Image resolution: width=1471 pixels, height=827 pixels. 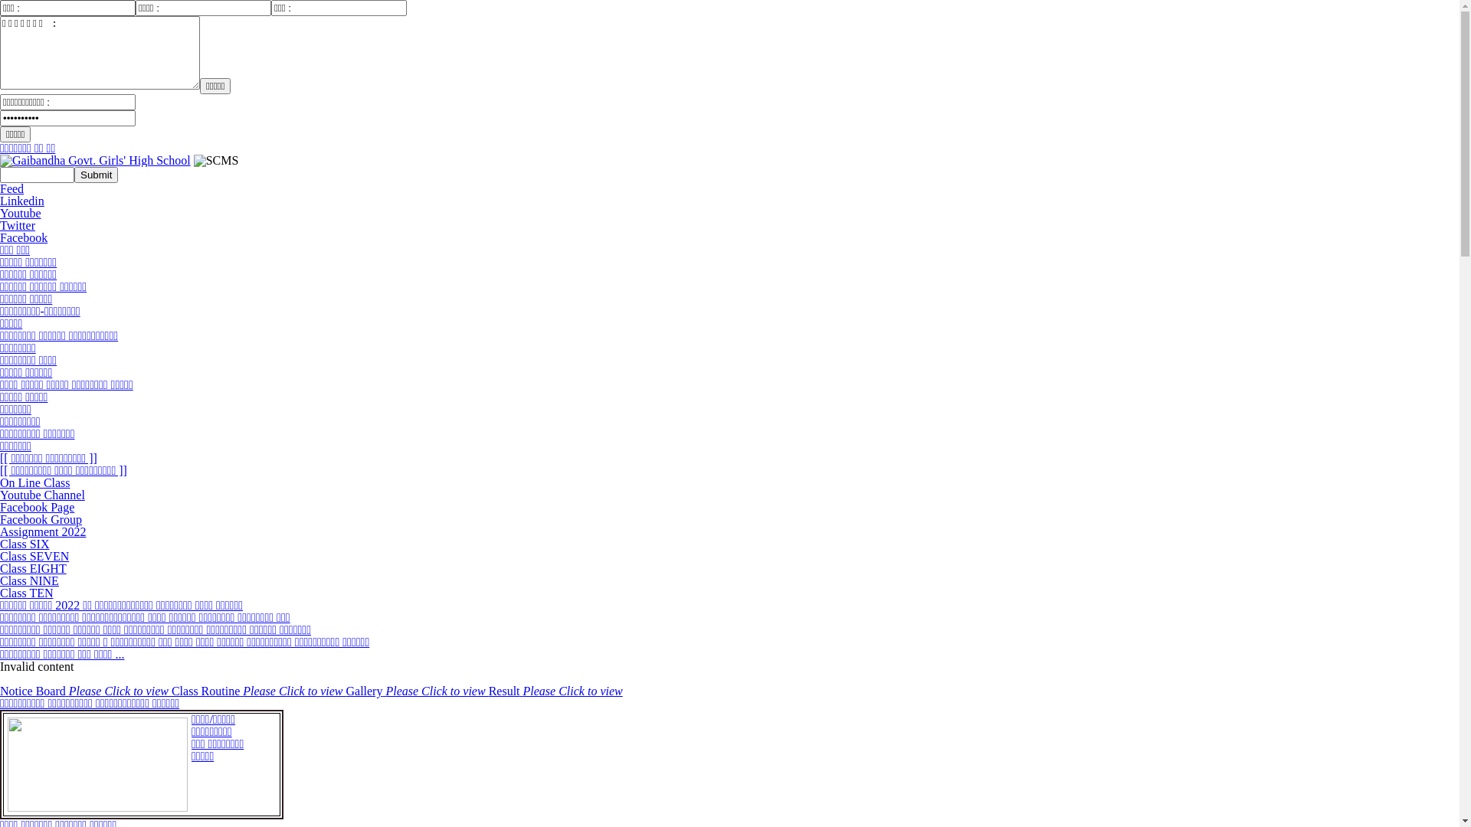 I want to click on 'Youtube', so click(x=21, y=213).